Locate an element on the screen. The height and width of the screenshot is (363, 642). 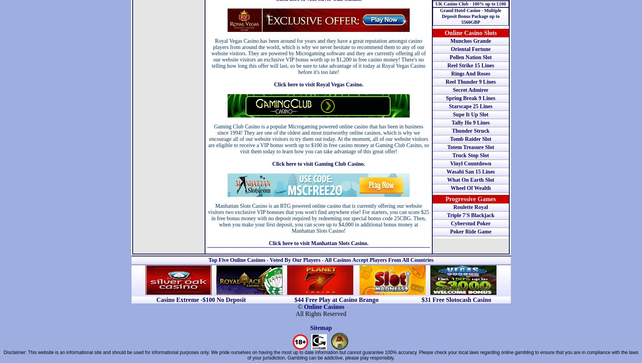
'Casino Extreme -$100 No Deposit' is located at coordinates (200, 299).